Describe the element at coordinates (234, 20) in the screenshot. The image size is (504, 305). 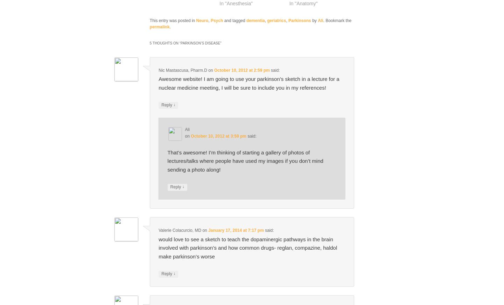
I see `'and tagged'` at that location.